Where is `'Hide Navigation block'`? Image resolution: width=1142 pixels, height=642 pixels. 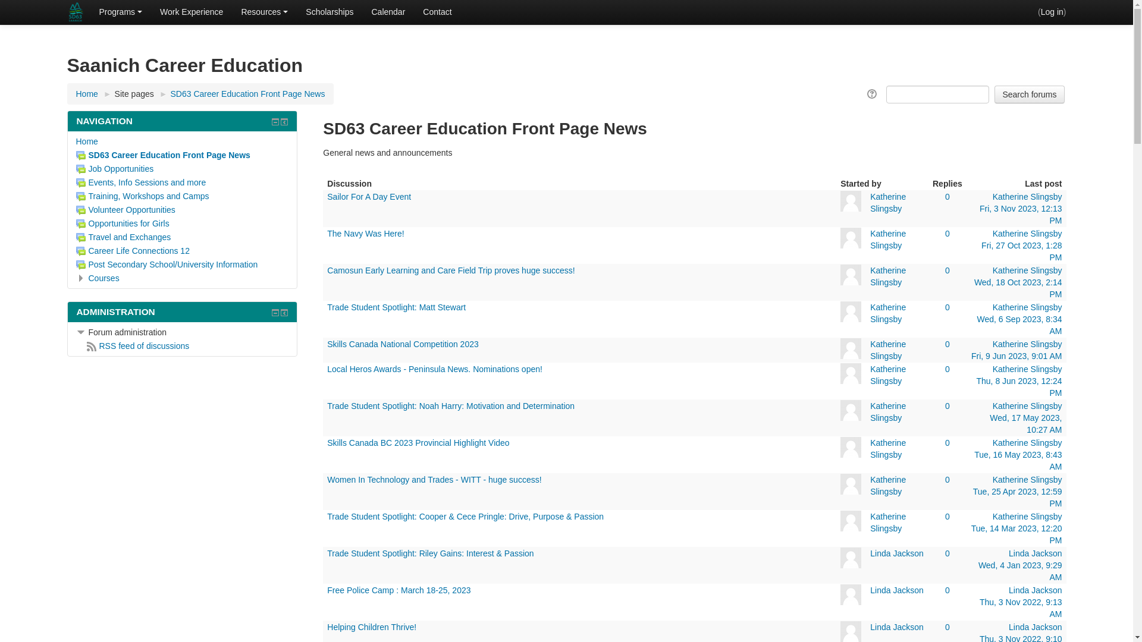
'Hide Navigation block' is located at coordinates (274, 121).